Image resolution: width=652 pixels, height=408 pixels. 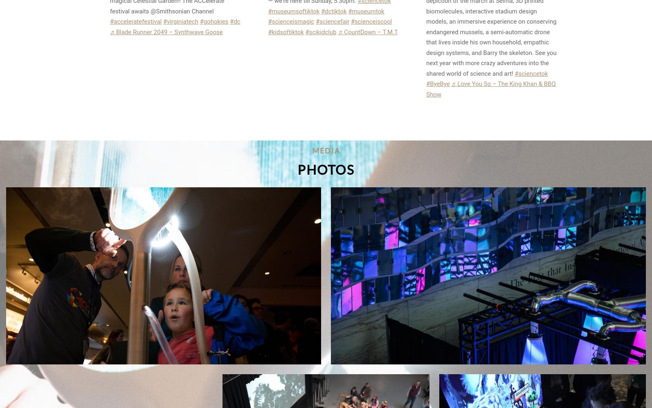 What do you see at coordinates (166, 31) in the screenshot?
I see `'♬ Blade Runner 2049 – Synthwave Goose'` at bounding box center [166, 31].